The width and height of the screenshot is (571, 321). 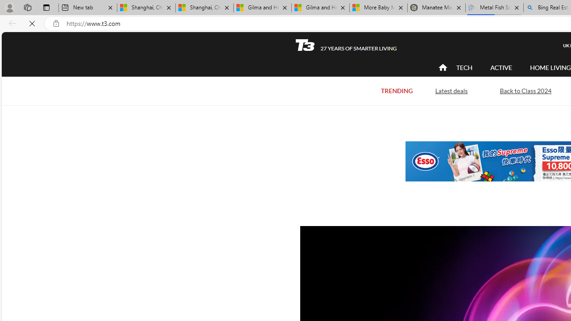 I want to click on 'Back to Class 2024', so click(x=525, y=91).